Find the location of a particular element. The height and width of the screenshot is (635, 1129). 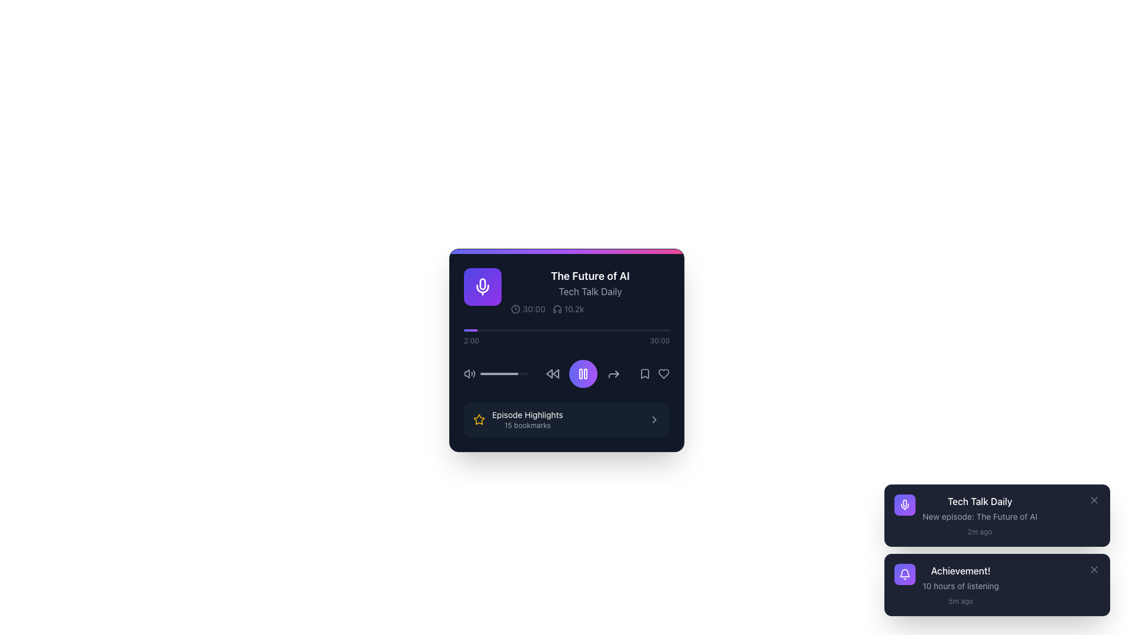

the 'Episode Highlights' text label which is displayed in white with a subheading '15 bookmarks' below it, located in the lower part of the audio player interface card is located at coordinates (527, 419).